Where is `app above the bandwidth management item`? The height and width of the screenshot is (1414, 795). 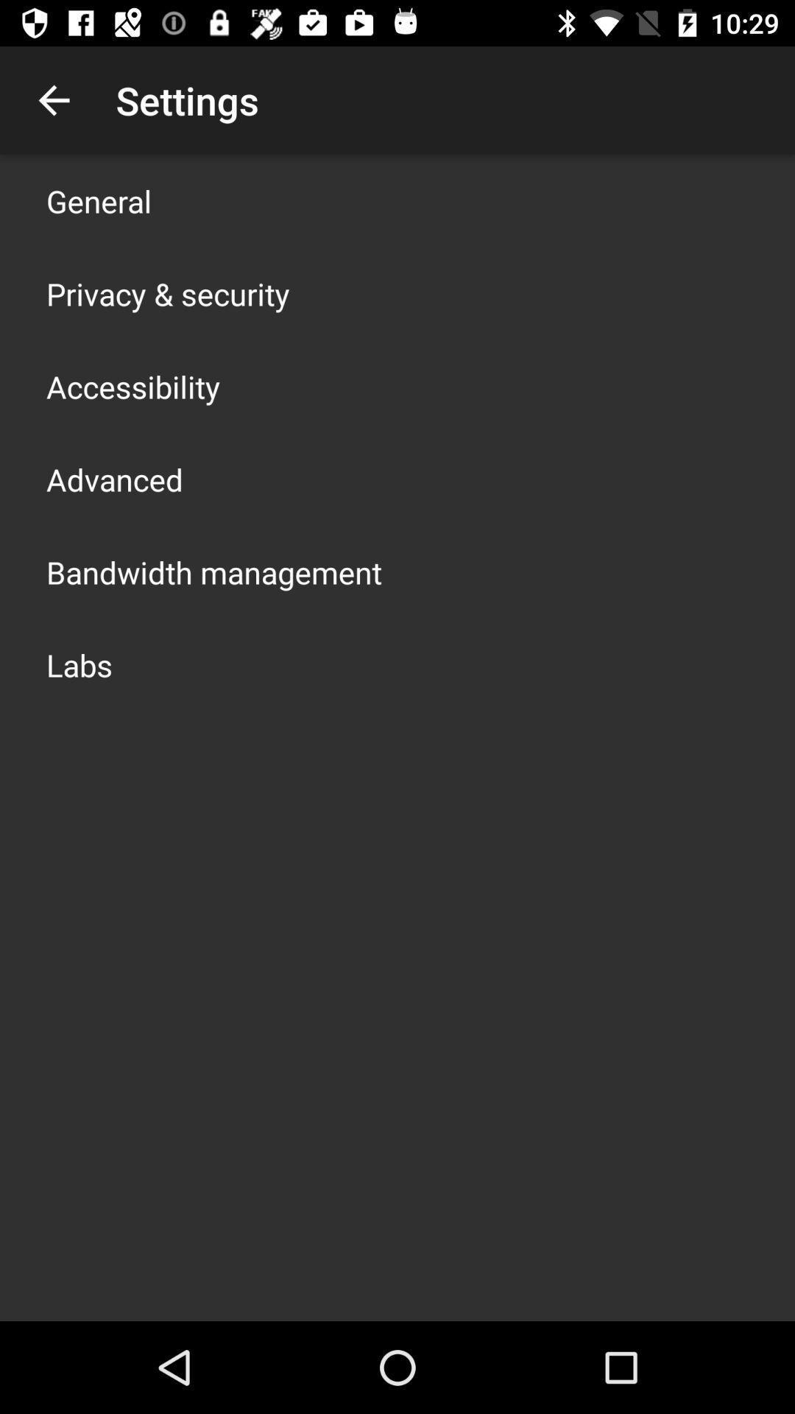
app above the bandwidth management item is located at coordinates (113, 479).